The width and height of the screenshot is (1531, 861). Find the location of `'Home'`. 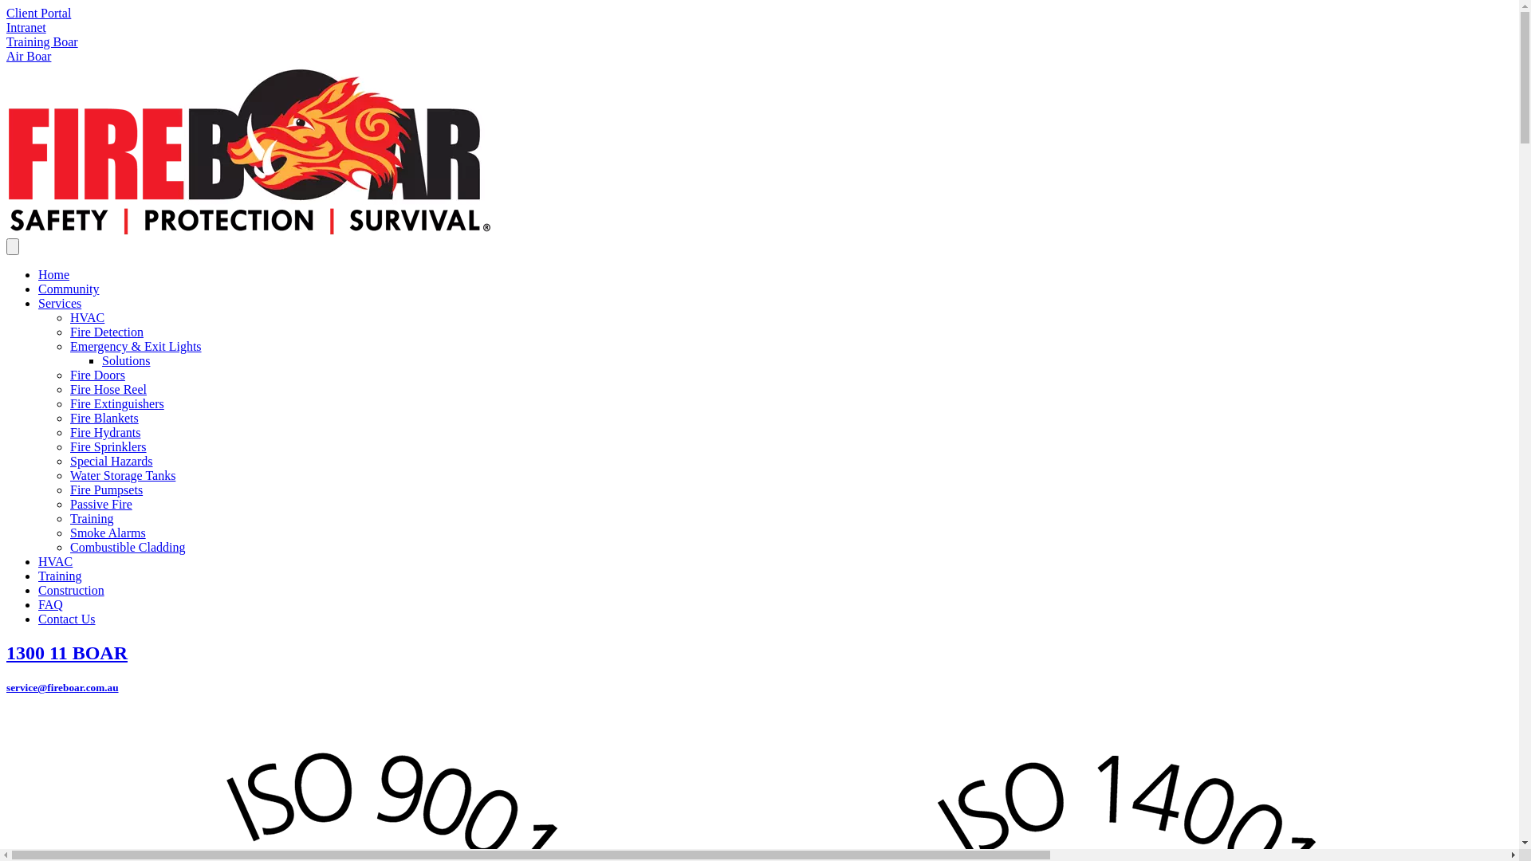

'Home' is located at coordinates (53, 273).